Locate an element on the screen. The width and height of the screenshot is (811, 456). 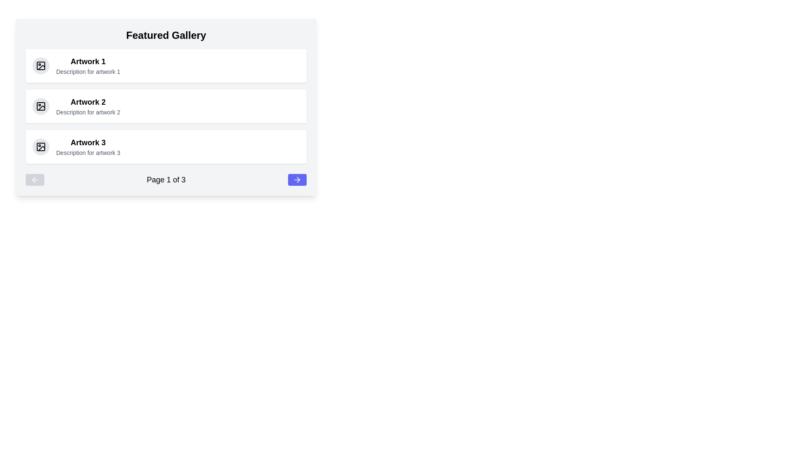
the button with a blue background and an arrow icon located at the bottom right corner of the 'Featured Gallery' card is located at coordinates (297, 179).